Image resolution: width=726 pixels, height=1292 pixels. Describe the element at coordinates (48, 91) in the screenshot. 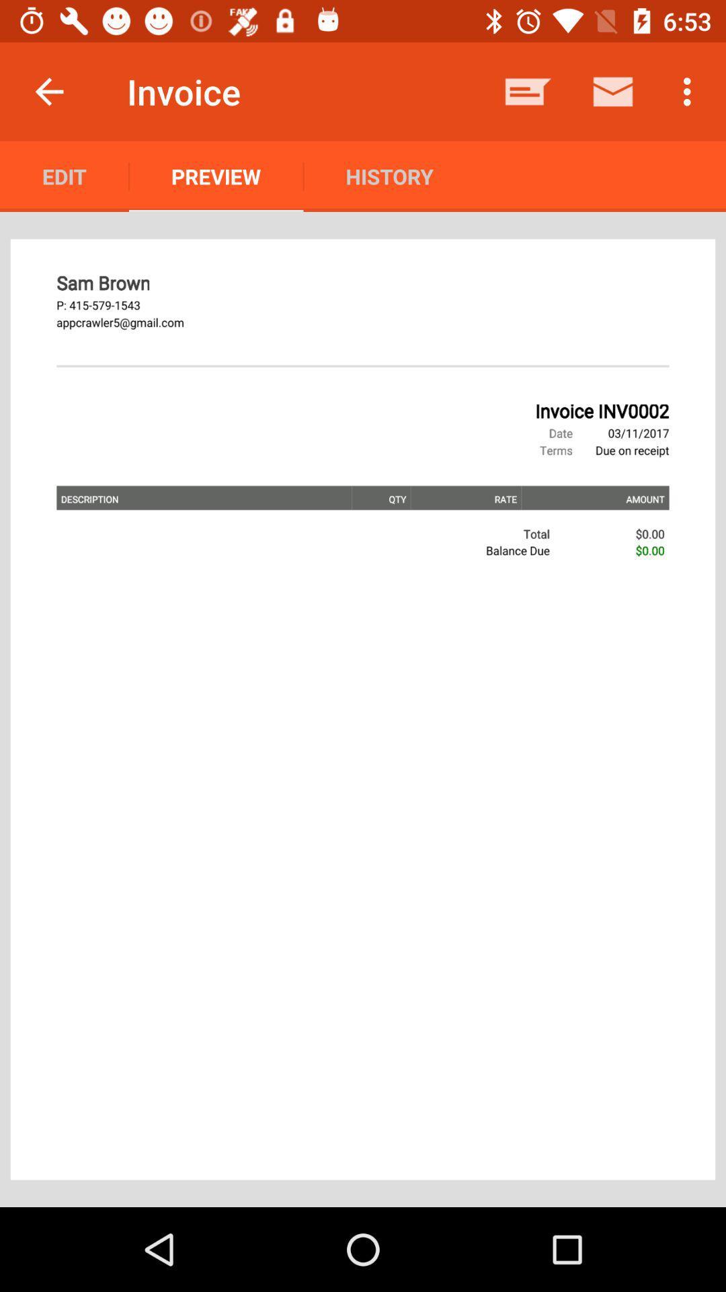

I see `the item next to the invoice` at that location.